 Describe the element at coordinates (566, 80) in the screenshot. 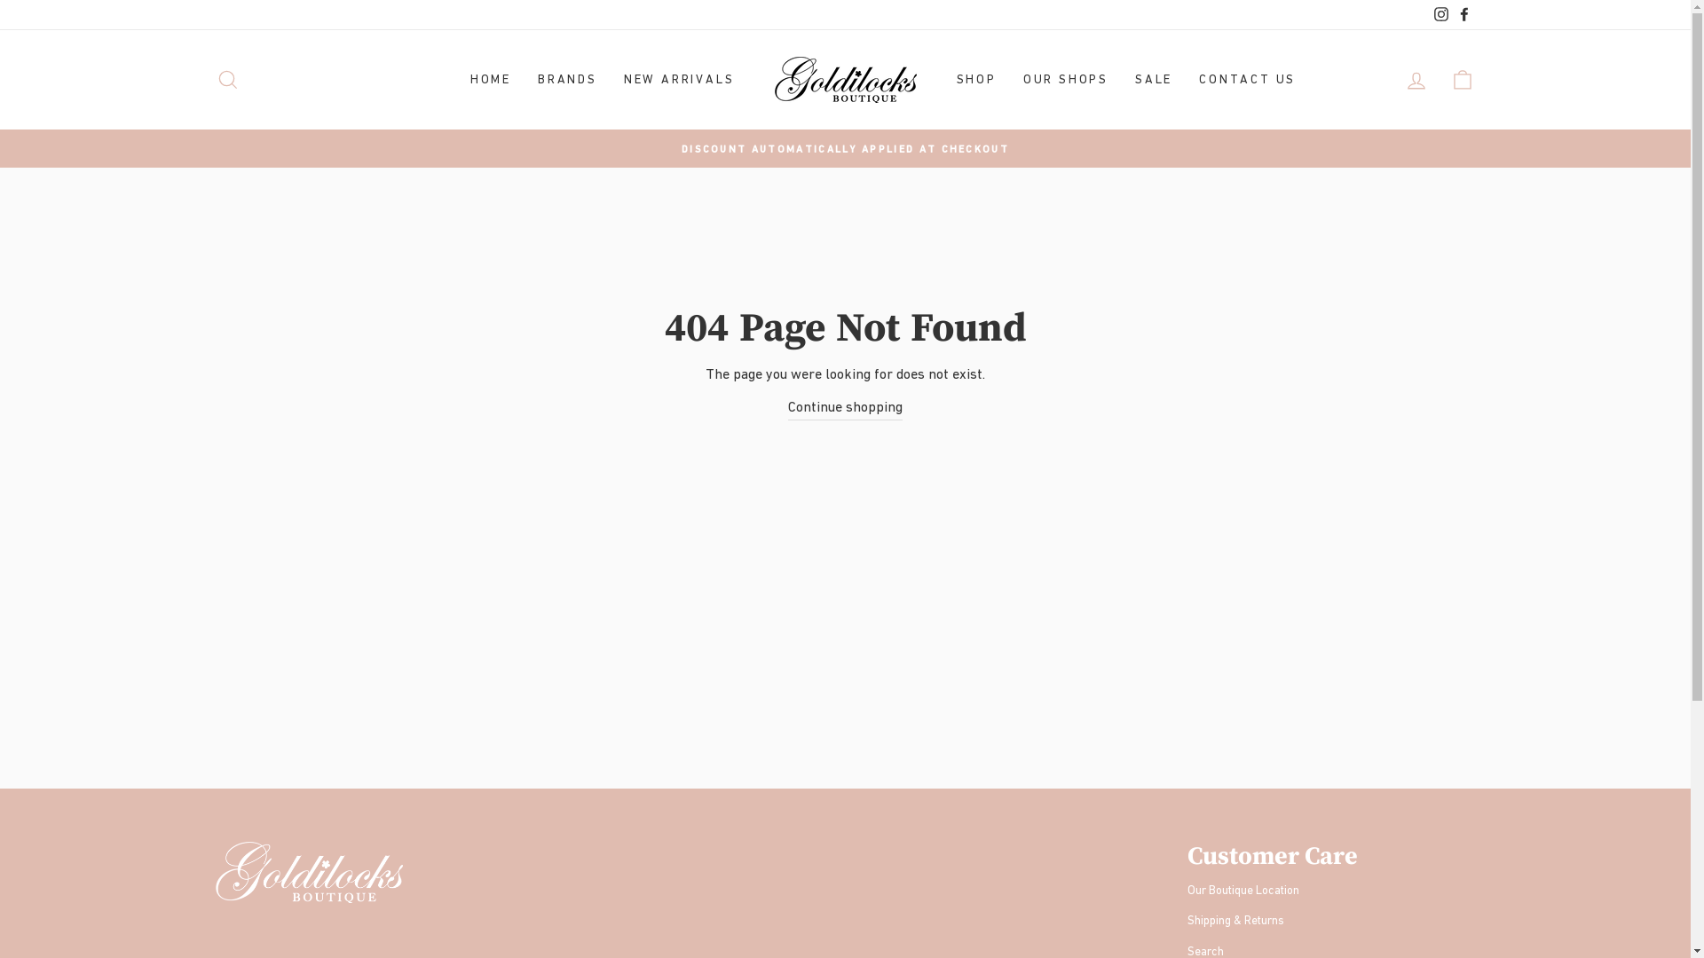

I see `'BRANDS'` at that location.